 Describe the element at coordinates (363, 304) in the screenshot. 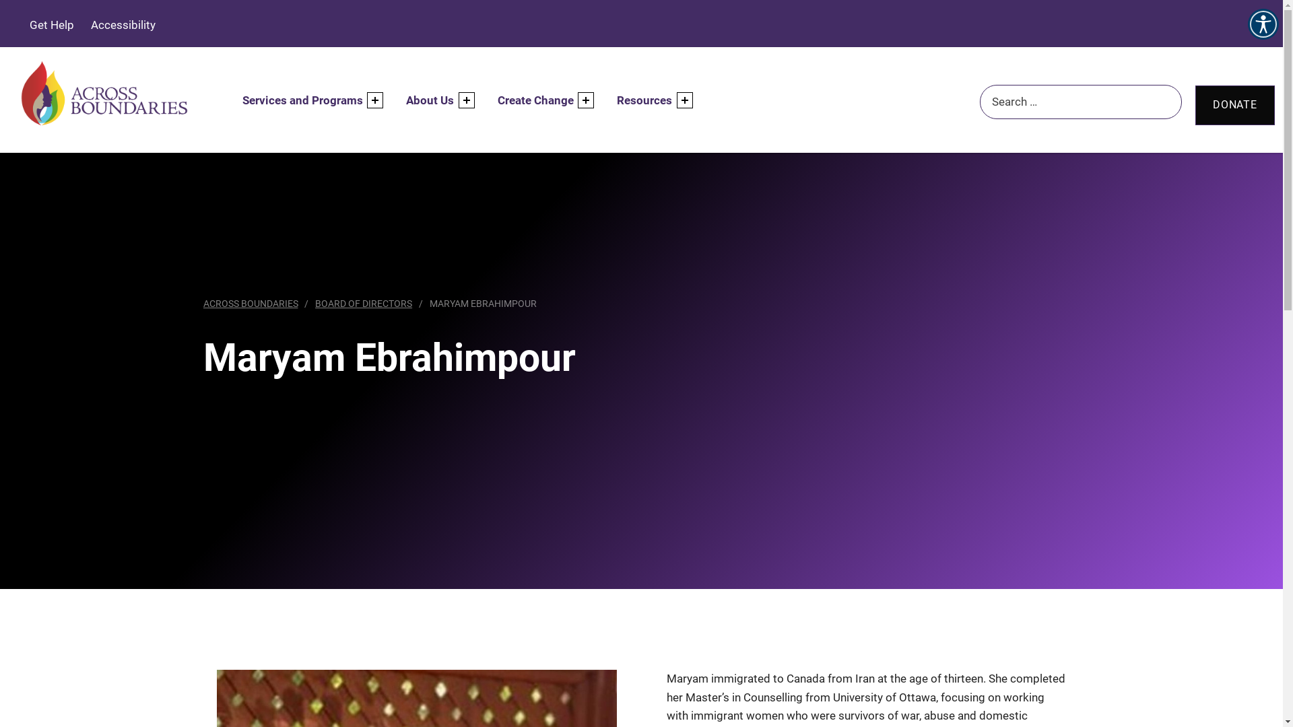

I see `'BOARD OF DIRECTORS'` at that location.